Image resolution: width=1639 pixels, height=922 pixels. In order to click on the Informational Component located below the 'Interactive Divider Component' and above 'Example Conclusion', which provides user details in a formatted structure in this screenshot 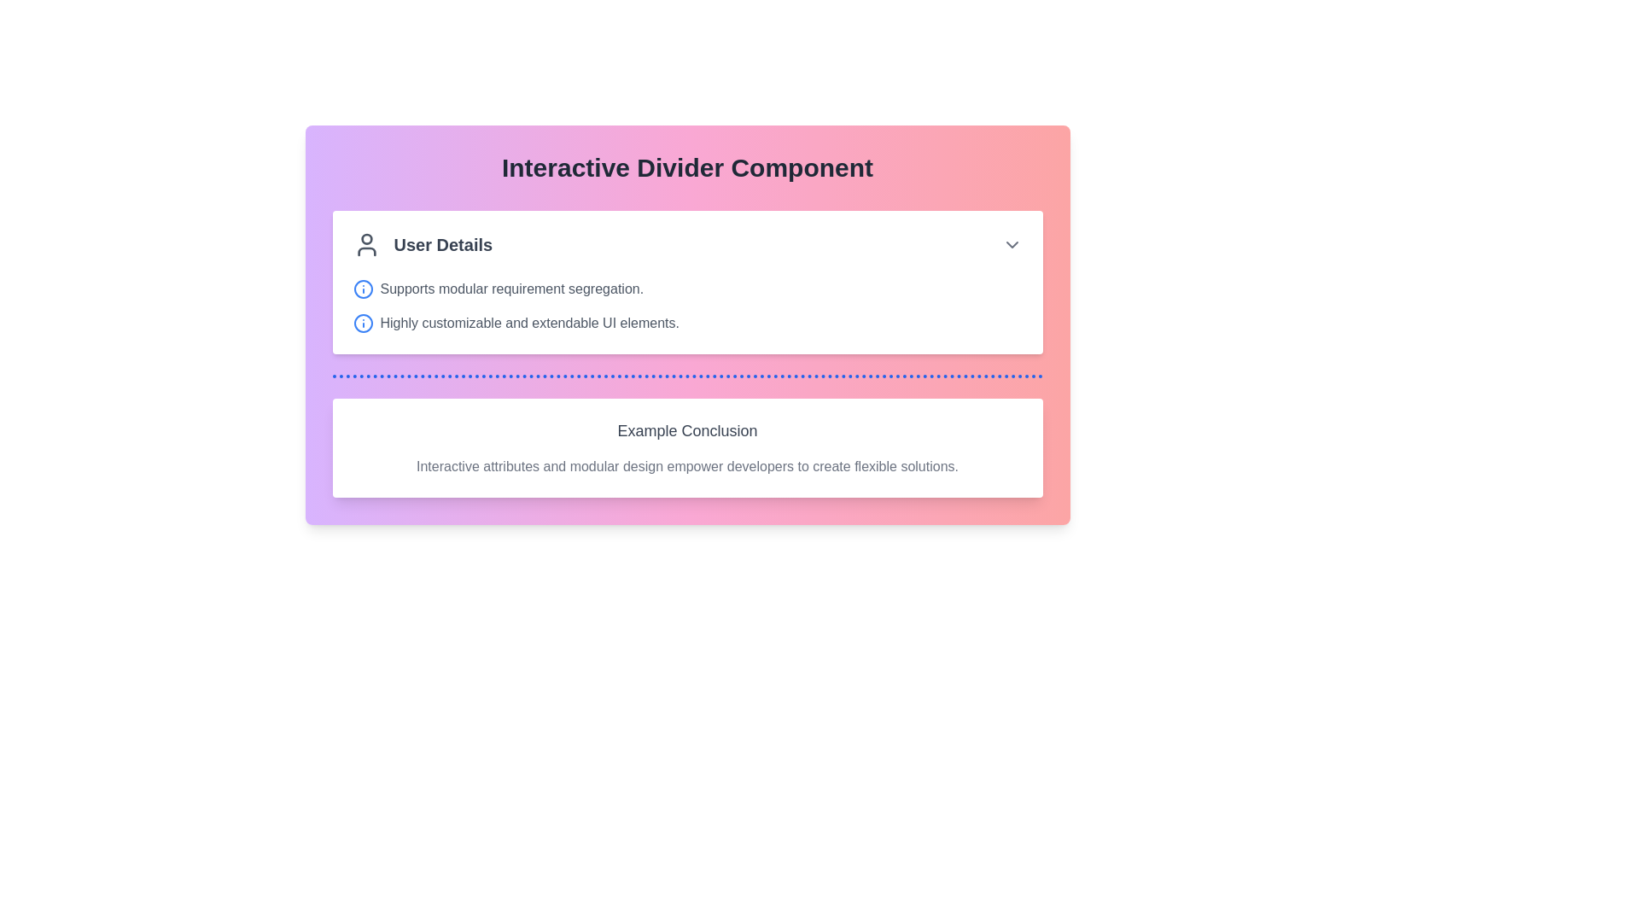, I will do `click(687, 282)`.